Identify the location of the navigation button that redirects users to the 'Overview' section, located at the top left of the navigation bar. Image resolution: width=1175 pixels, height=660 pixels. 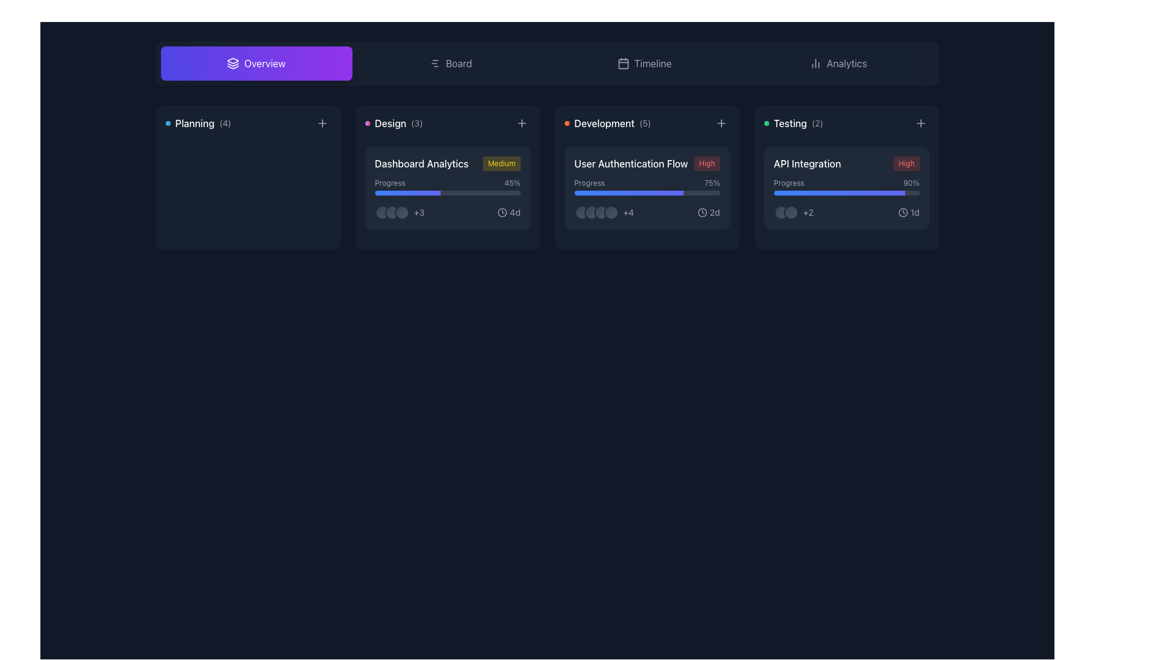
(255, 64).